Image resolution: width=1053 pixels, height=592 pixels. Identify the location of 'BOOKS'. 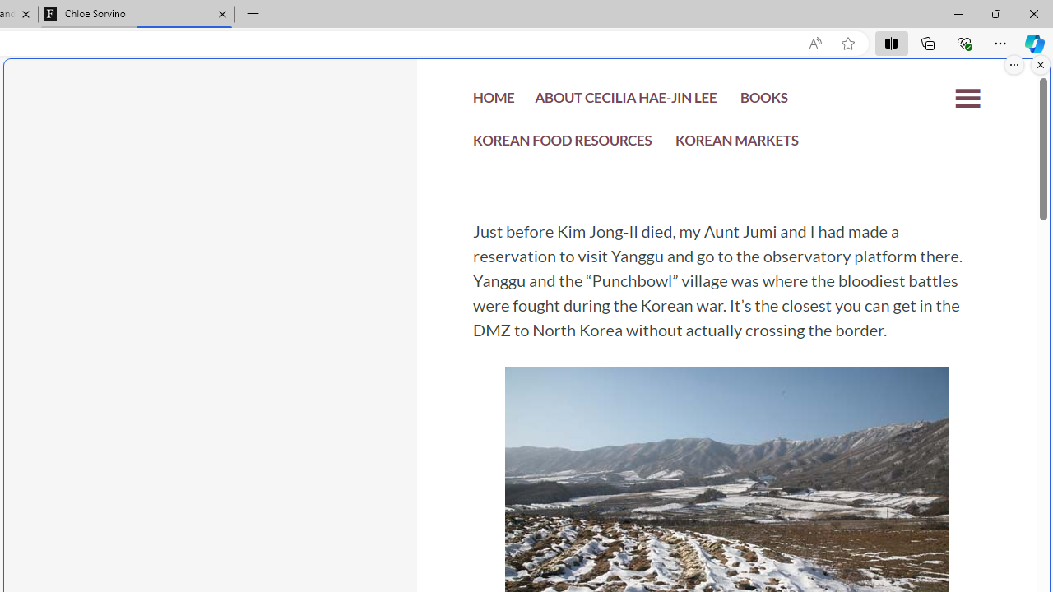
(763, 100).